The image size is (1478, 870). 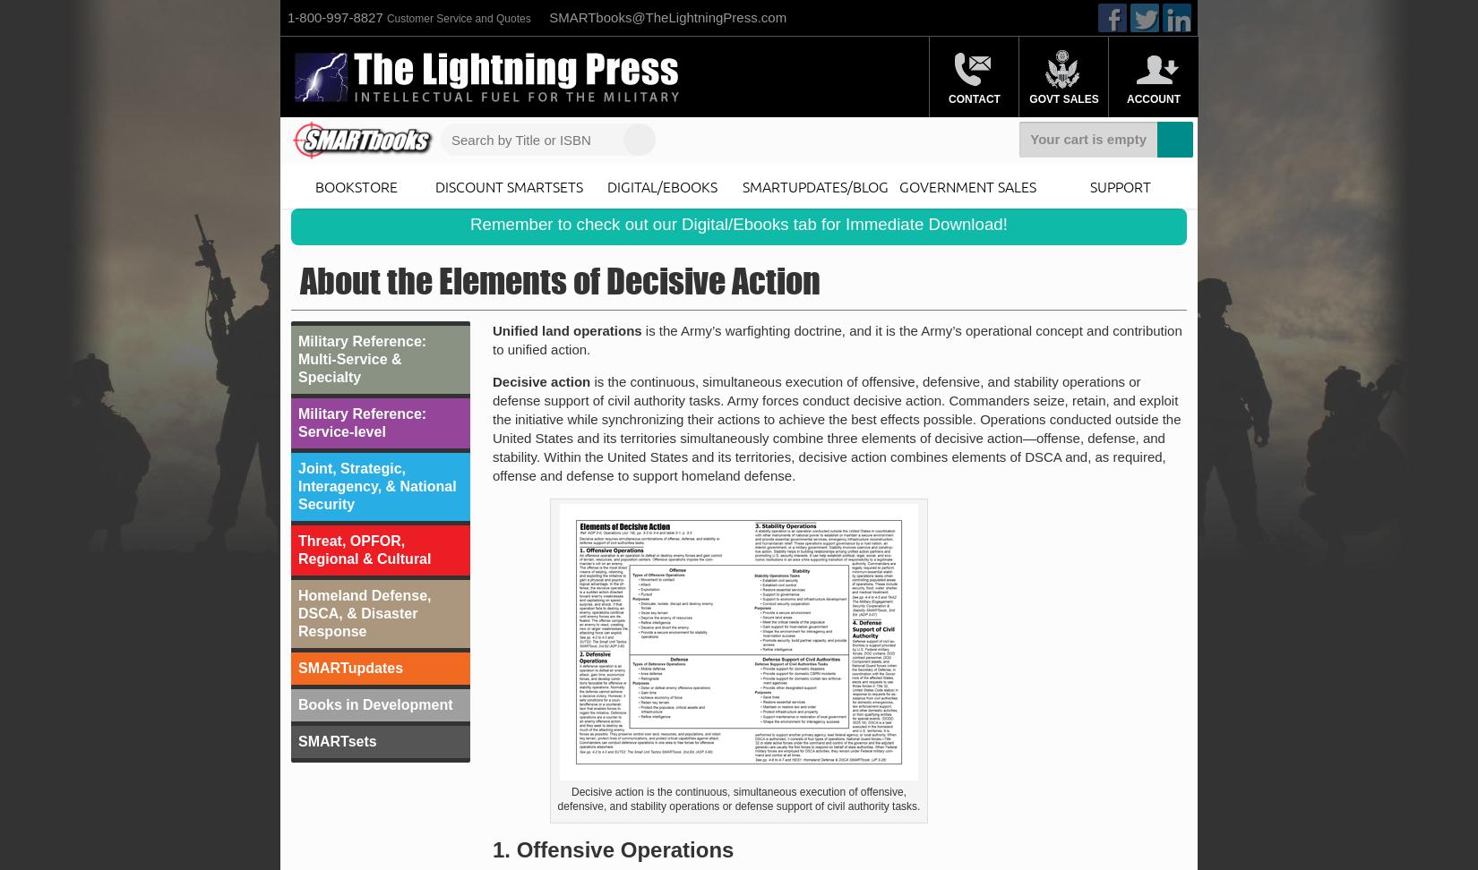 I want to click on 'Military Reference: Service-level', so click(x=362, y=422).